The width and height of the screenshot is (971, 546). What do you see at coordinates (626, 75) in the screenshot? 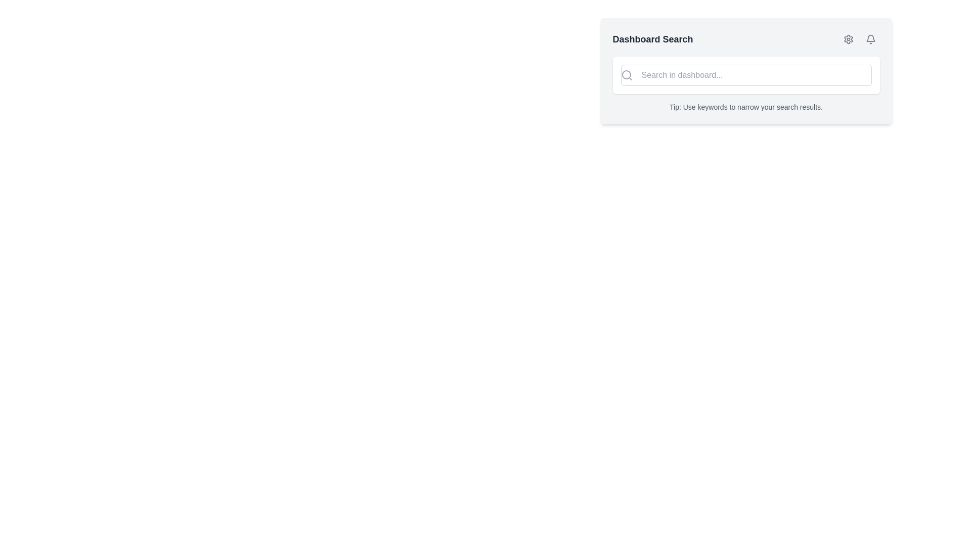
I see `the search icon located inside the search bar component to initiate a search` at bounding box center [626, 75].